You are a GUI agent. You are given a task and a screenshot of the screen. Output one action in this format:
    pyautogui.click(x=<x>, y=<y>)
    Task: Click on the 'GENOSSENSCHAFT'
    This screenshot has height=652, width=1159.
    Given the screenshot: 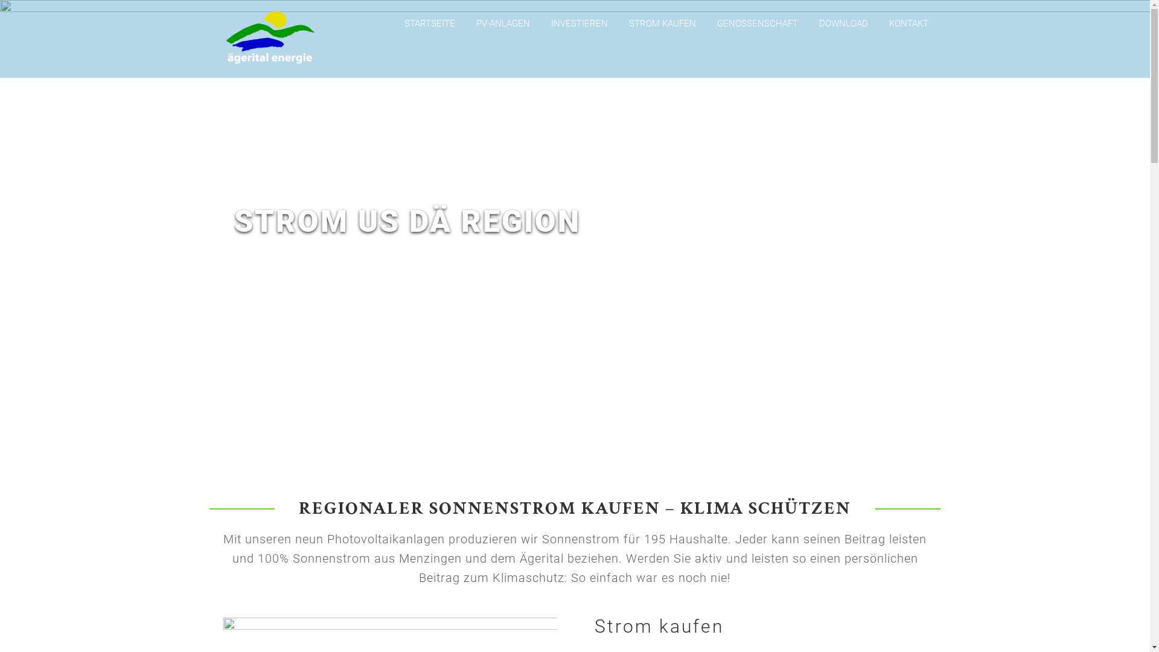 What is the action you would take?
    pyautogui.click(x=756, y=23)
    